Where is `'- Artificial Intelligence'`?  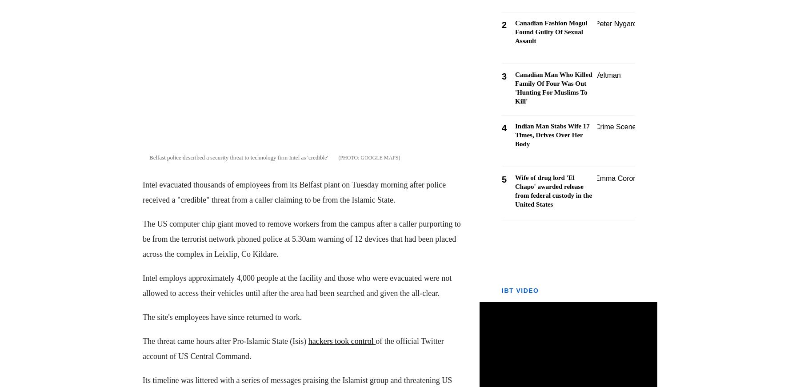 '- Artificial Intelligence' is located at coordinates (35, 248).